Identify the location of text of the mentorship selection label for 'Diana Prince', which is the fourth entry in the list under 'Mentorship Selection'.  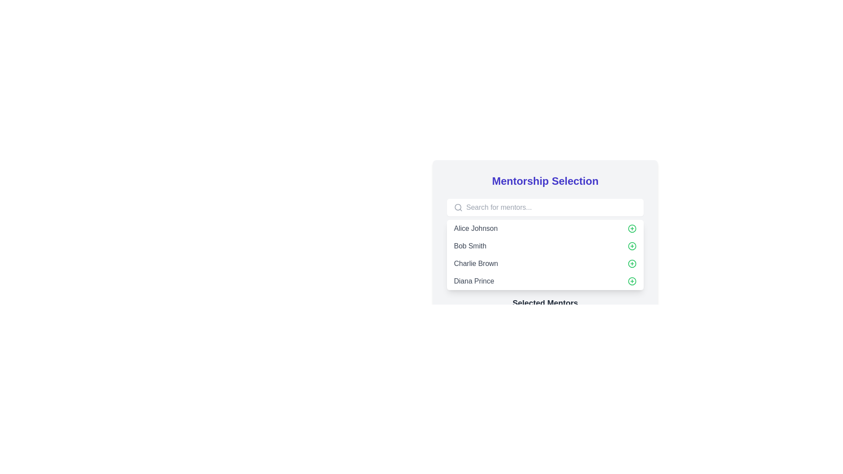
(473, 281).